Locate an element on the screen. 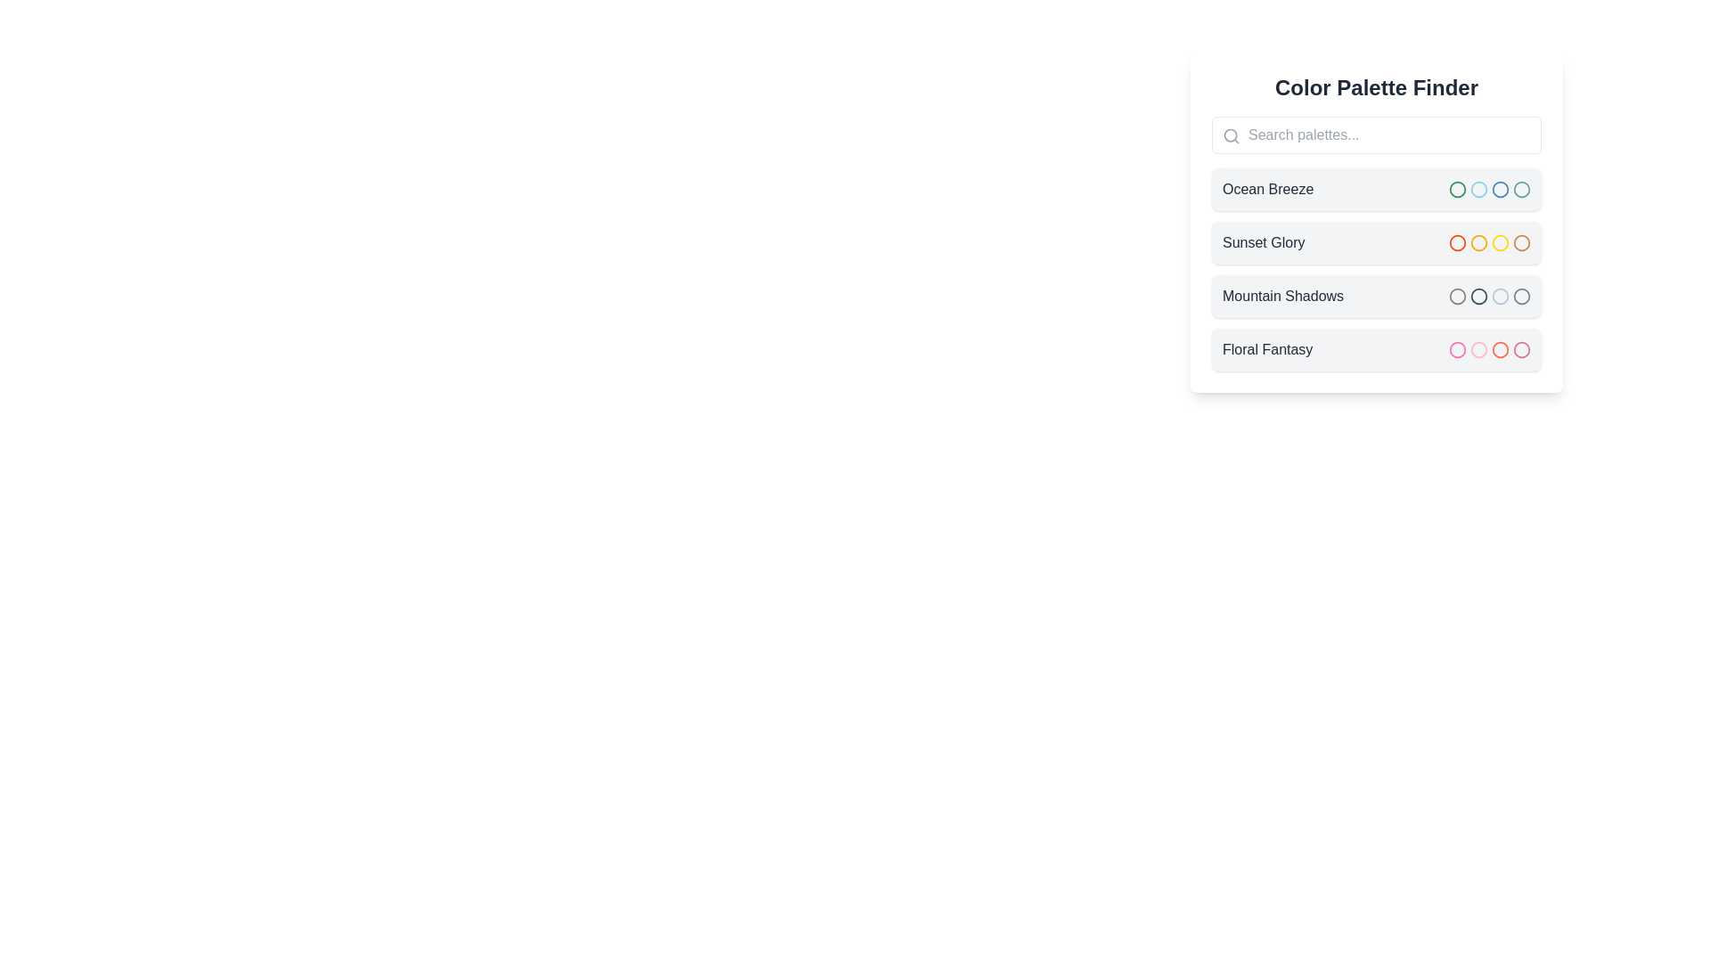  the fourth circular icon in the 'Mountain Shadows' color palette located on the right-side panel is located at coordinates (1521, 295).